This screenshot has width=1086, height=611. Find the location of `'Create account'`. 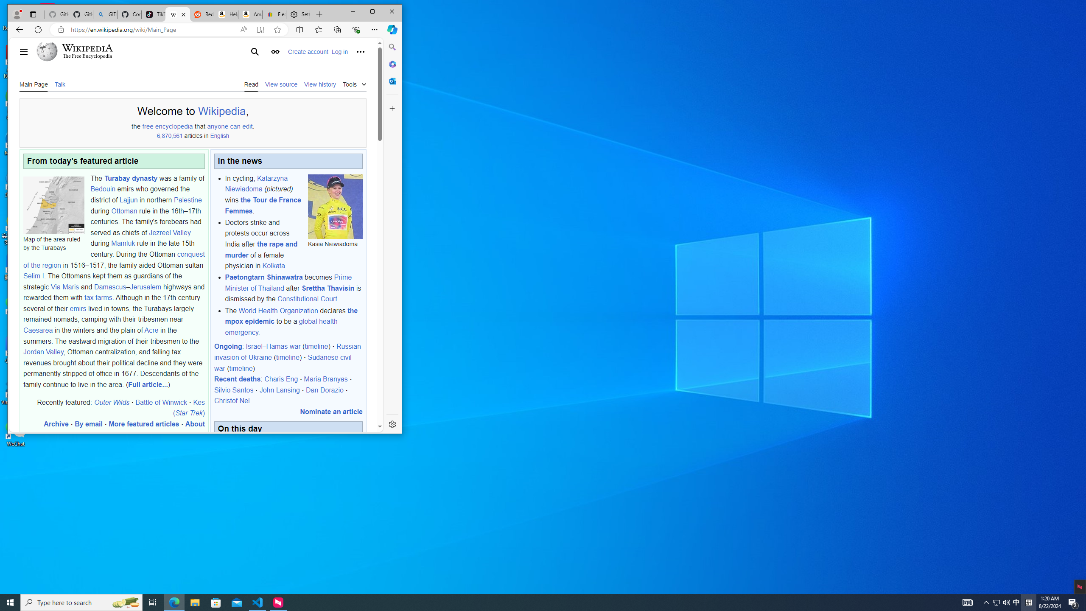

'Create account' is located at coordinates (308, 51).